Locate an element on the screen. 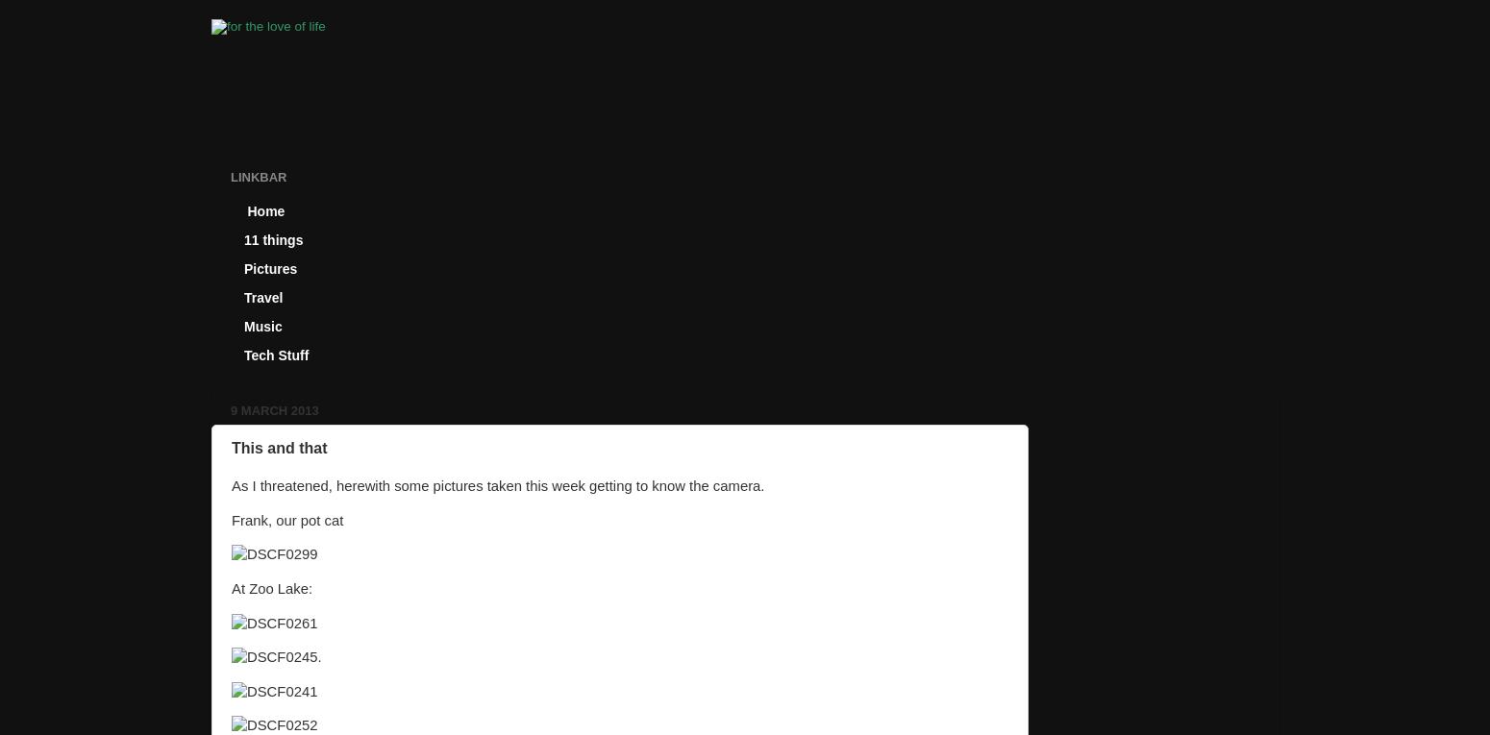 The height and width of the screenshot is (735, 1490). 'Frank, our pot cat' is located at coordinates (286, 519).